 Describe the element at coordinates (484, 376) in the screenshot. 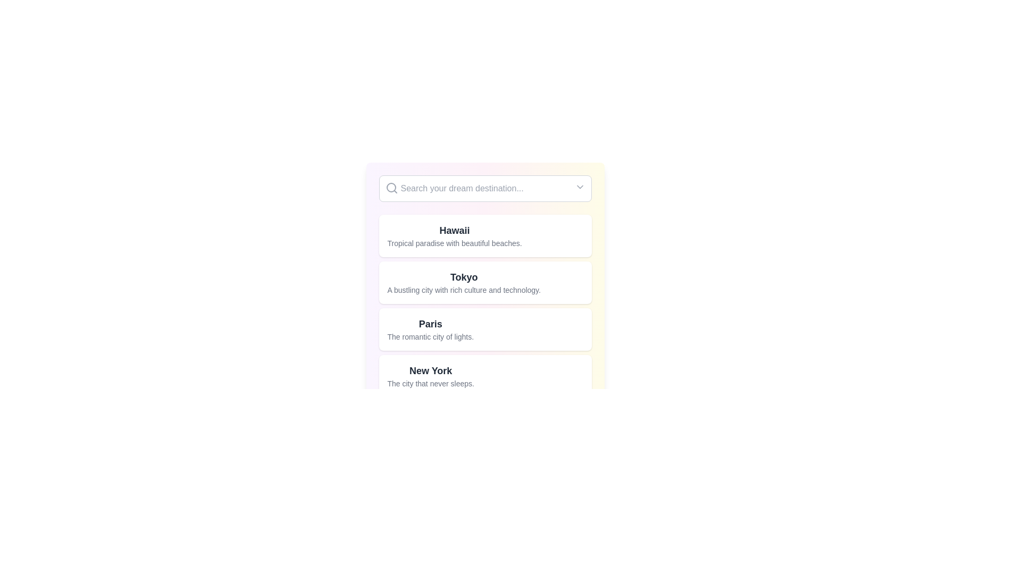

I see `the last List item with the text 'New York' which is styled with bold and large text` at that location.